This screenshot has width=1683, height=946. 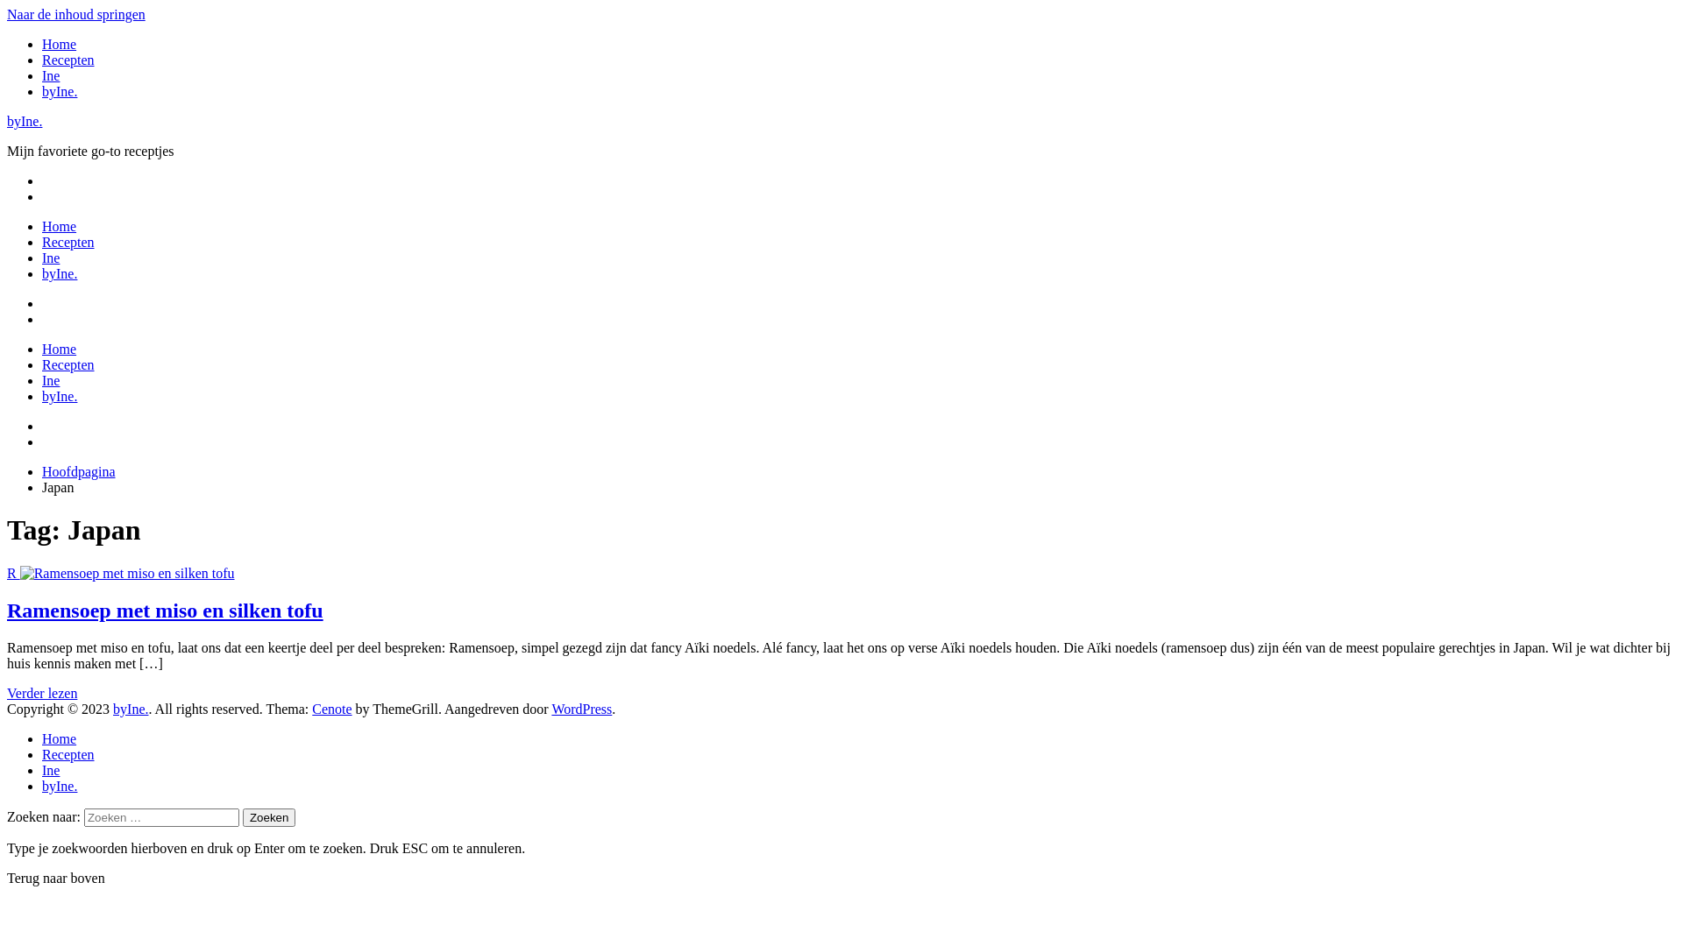 What do you see at coordinates (268, 817) in the screenshot?
I see `'Zoeken'` at bounding box center [268, 817].